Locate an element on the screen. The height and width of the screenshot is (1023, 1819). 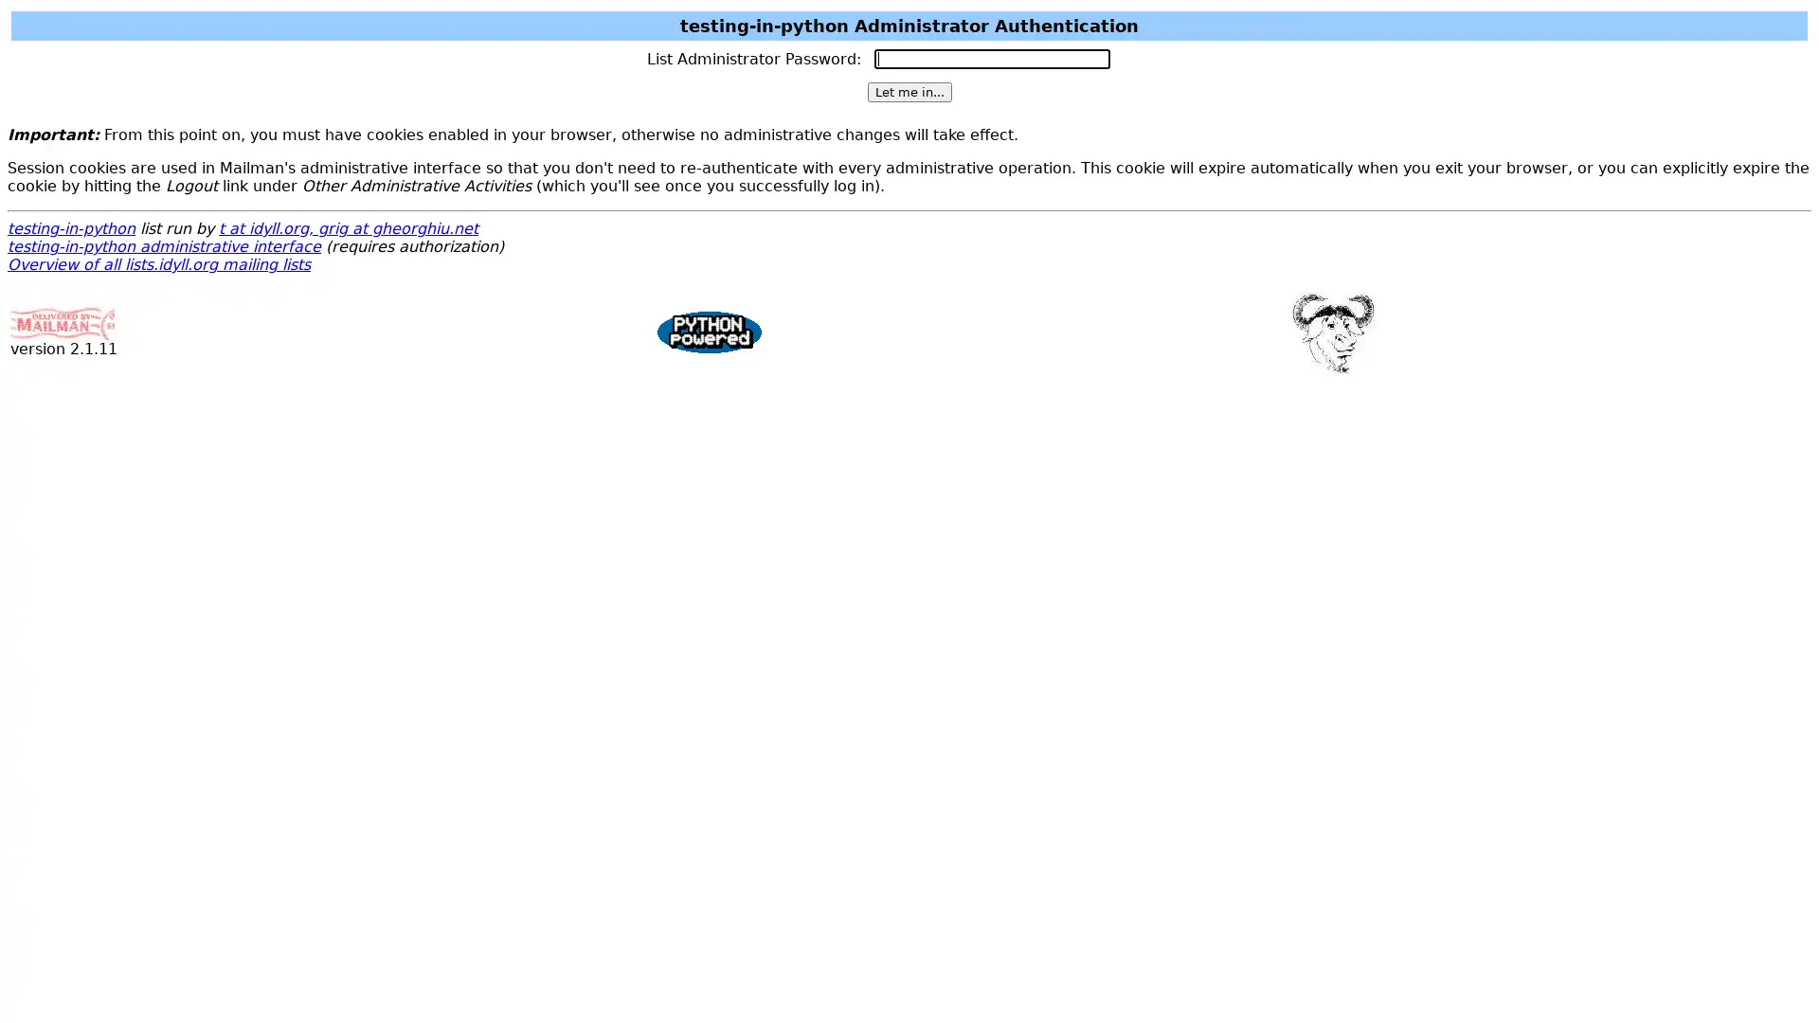
Let me in... is located at coordinates (908, 92).